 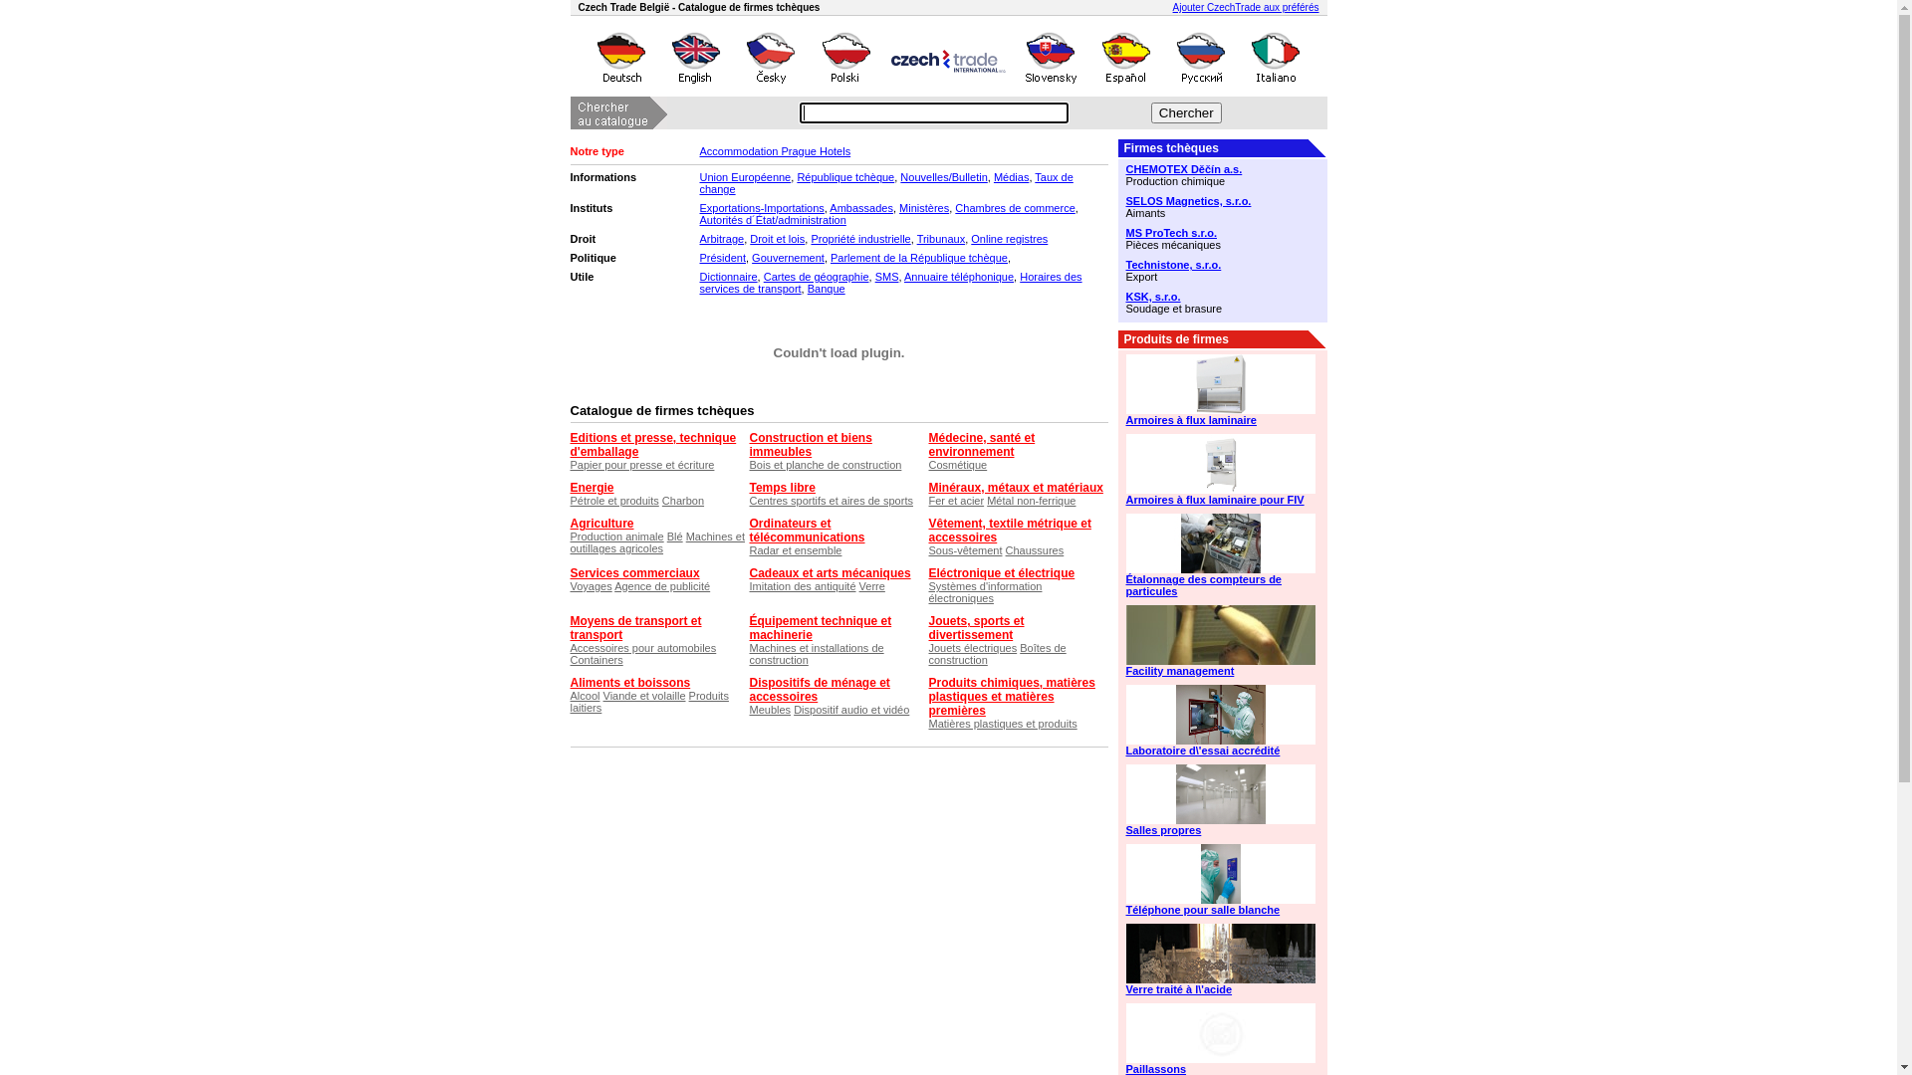 I want to click on 'Agriculture', so click(x=600, y=522).